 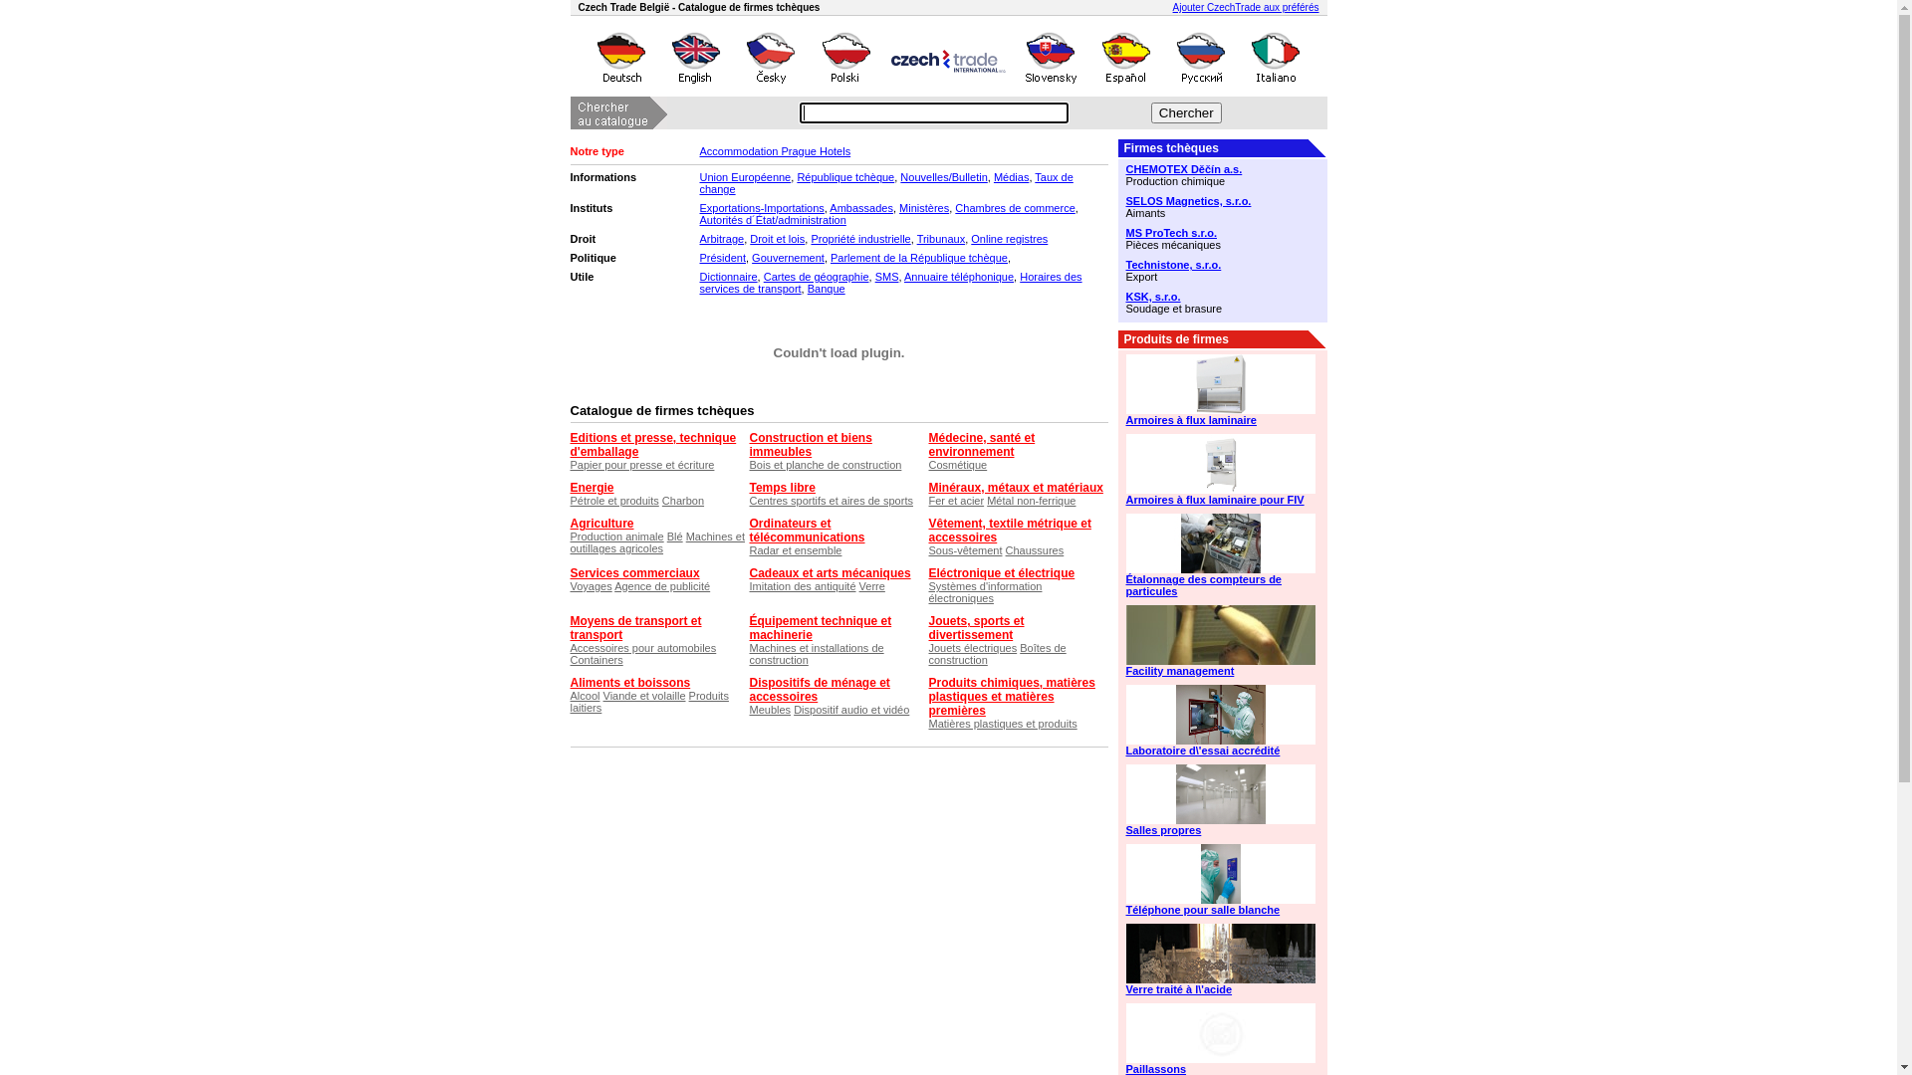 I want to click on 'Agriculture', so click(x=600, y=522).